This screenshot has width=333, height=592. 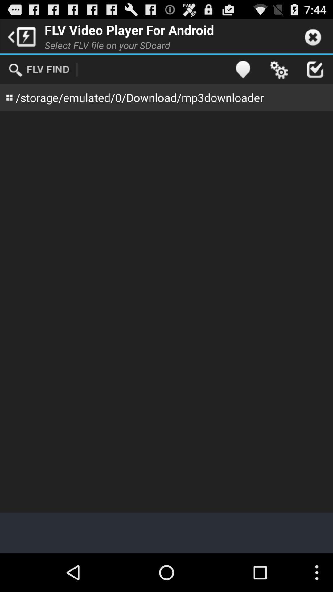 What do you see at coordinates (166, 312) in the screenshot?
I see `app below the storage emulated 0 app` at bounding box center [166, 312].